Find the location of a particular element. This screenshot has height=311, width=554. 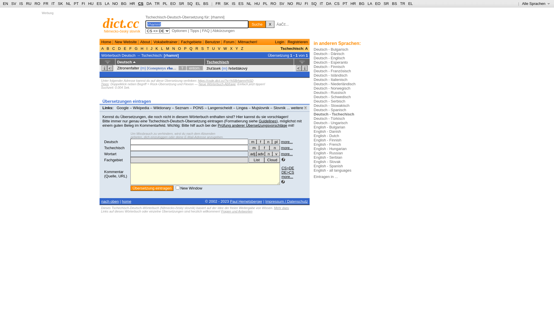

'Deutsch - Schwedisch' is located at coordinates (332, 96).